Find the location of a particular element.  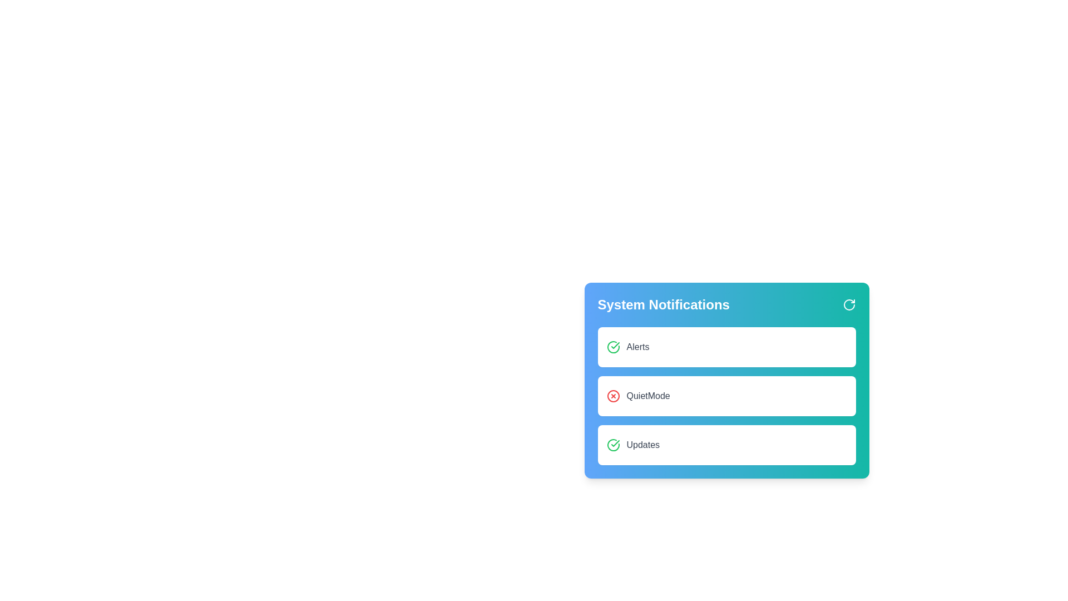

the refresh icon in the SystemNotificationPanel is located at coordinates (848, 304).